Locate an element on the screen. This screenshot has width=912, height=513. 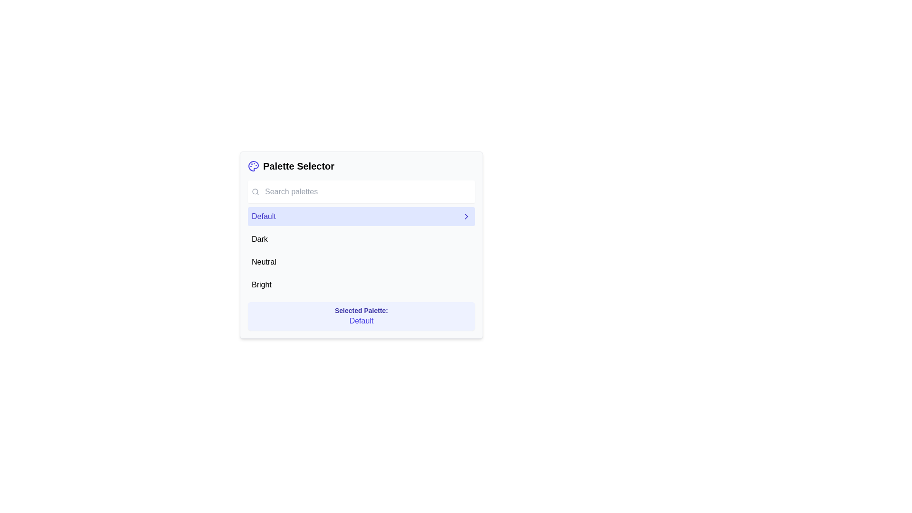
the text label reading 'Selected Palette:' which is styled in indigo color and is positioned above the text 'Default' is located at coordinates (361, 311).